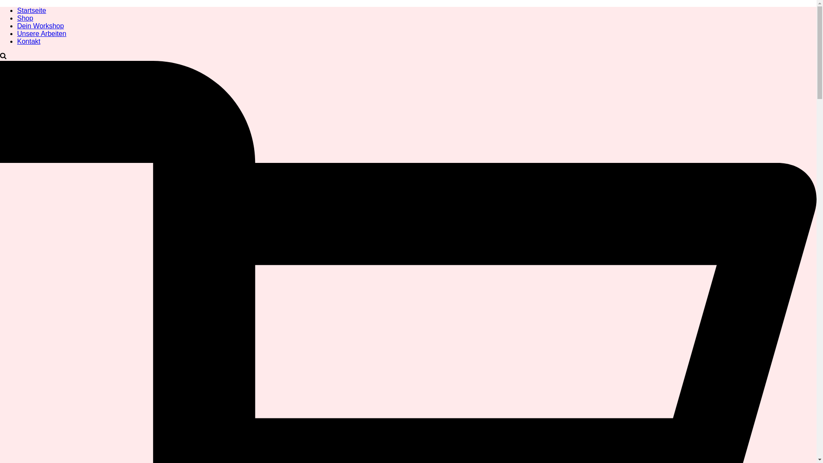 The image size is (823, 463). What do you see at coordinates (29, 41) in the screenshot?
I see `'Kontakt'` at bounding box center [29, 41].